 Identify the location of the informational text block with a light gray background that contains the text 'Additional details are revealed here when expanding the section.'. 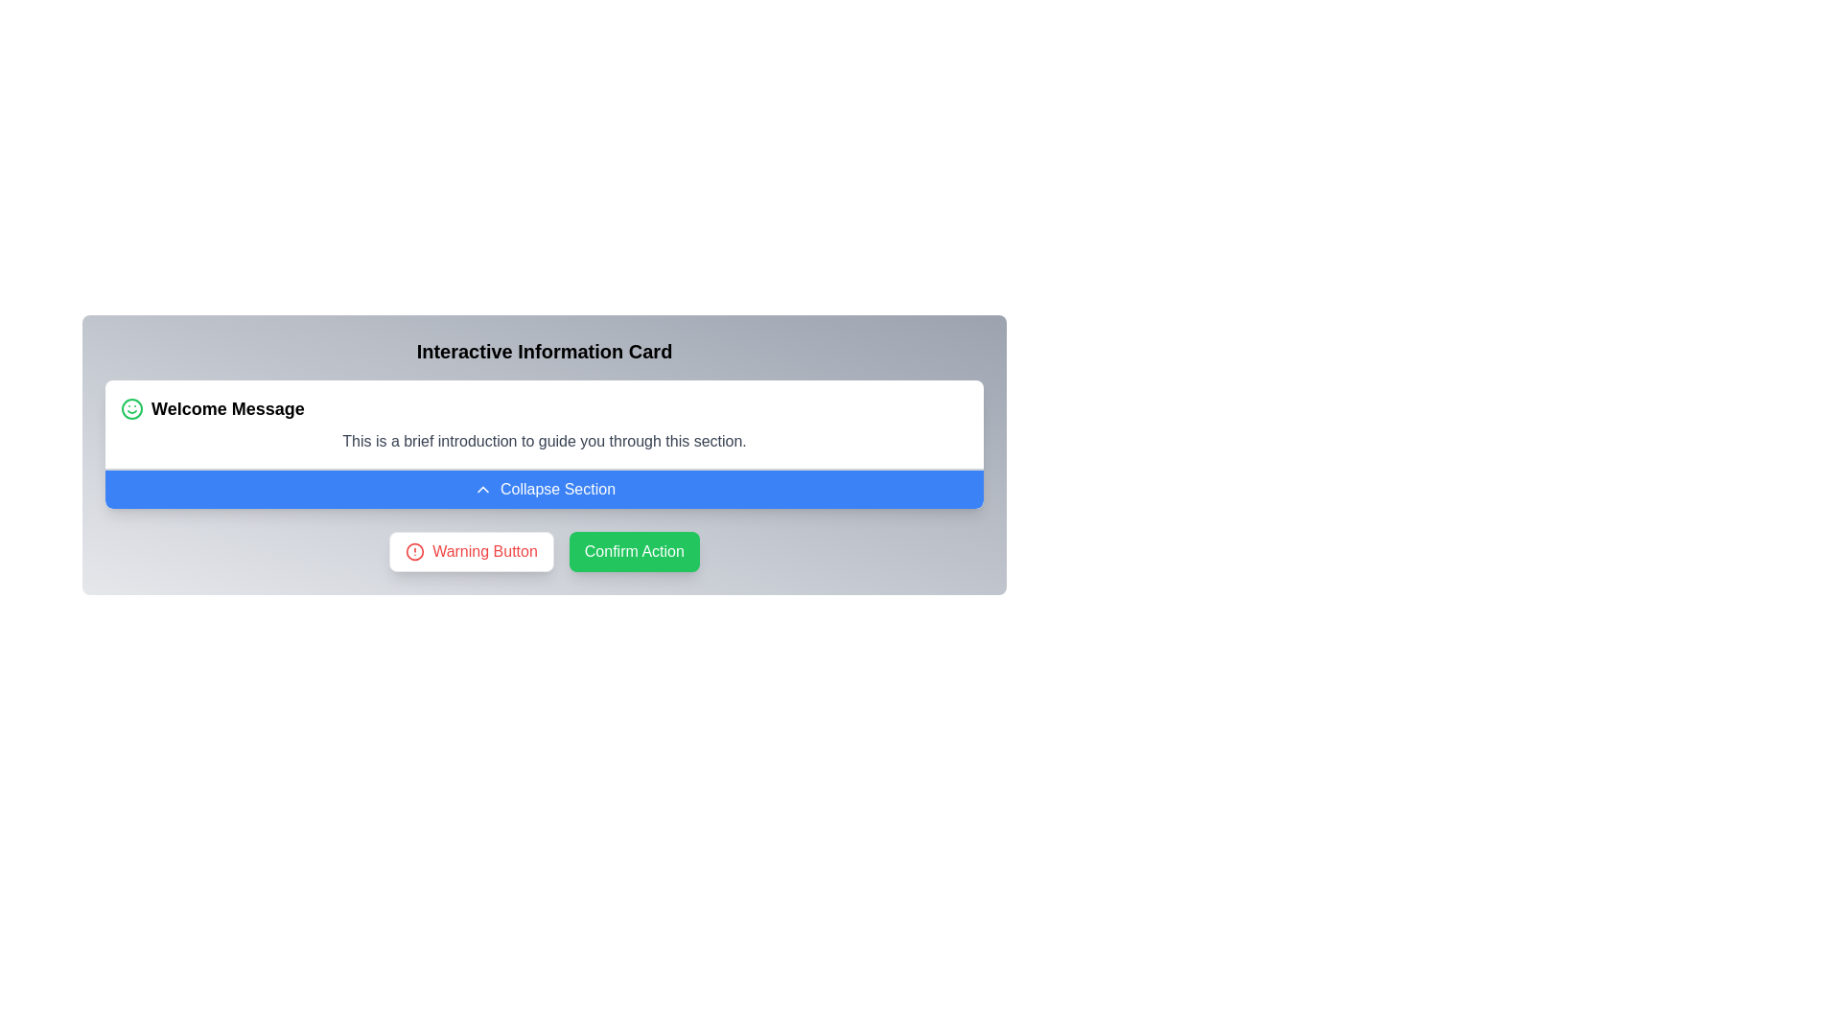
(543, 536).